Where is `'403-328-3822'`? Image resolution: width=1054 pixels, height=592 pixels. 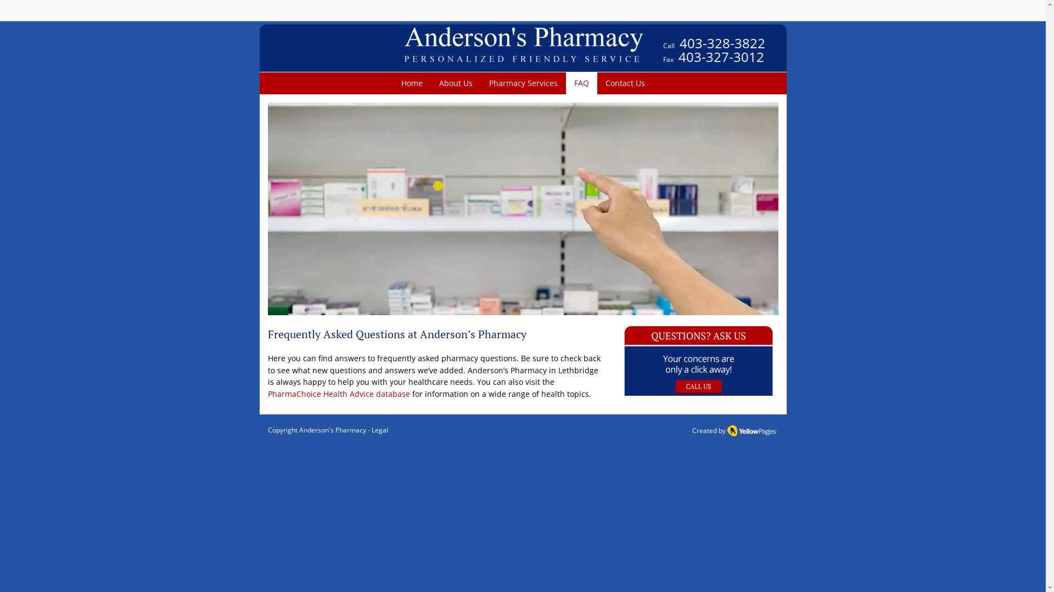 '403-328-3822' is located at coordinates (679, 45).